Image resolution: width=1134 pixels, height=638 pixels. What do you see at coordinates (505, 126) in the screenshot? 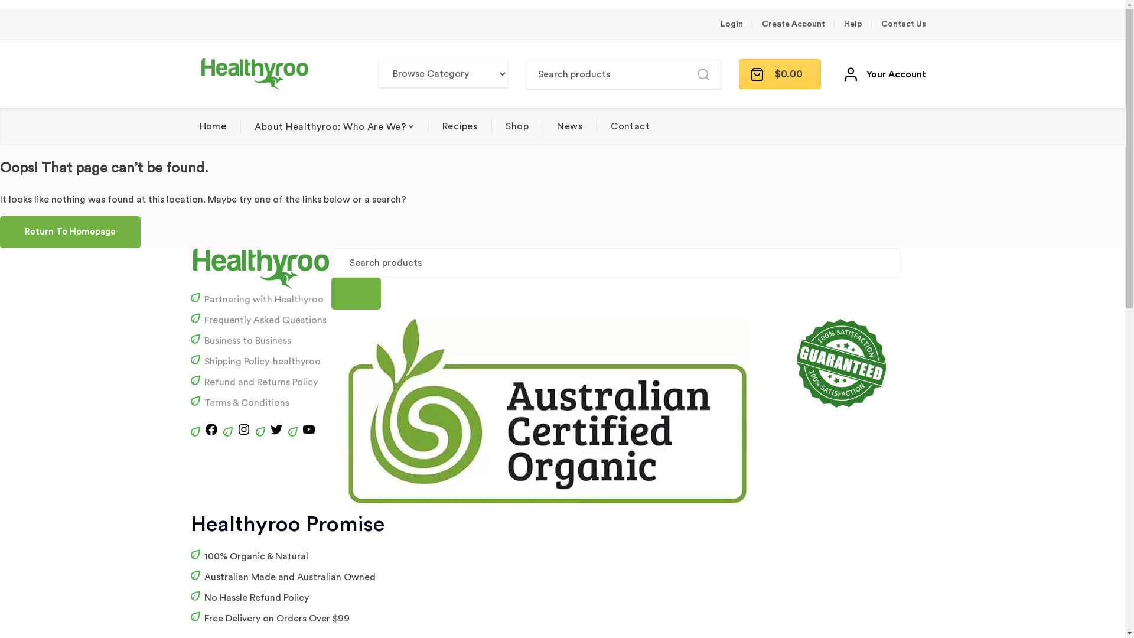
I see `'Shop'` at bounding box center [505, 126].